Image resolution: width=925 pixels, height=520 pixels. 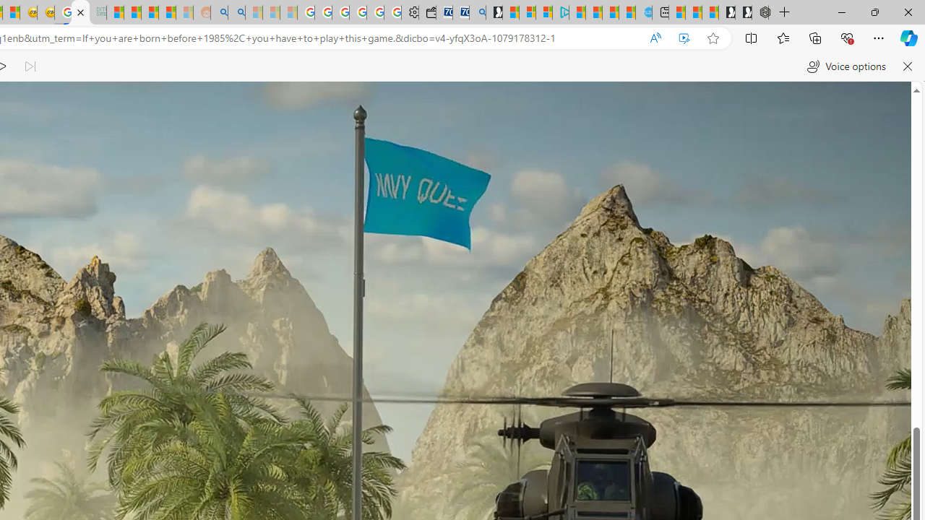 What do you see at coordinates (29, 66) in the screenshot?
I see `'Read next paragraph'` at bounding box center [29, 66].